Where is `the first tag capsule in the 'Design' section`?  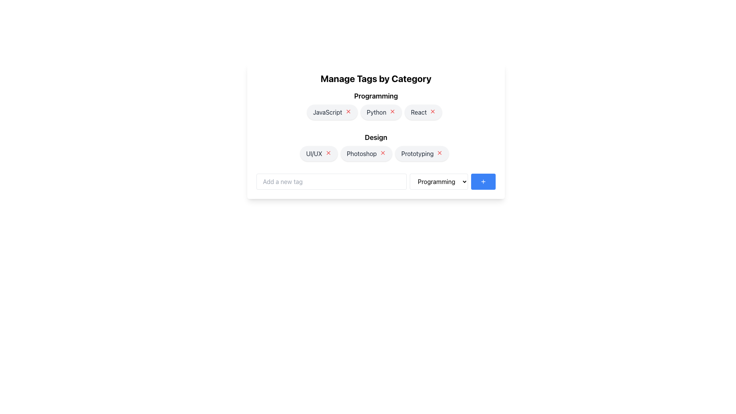 the first tag capsule in the 'Design' section is located at coordinates (319, 154).